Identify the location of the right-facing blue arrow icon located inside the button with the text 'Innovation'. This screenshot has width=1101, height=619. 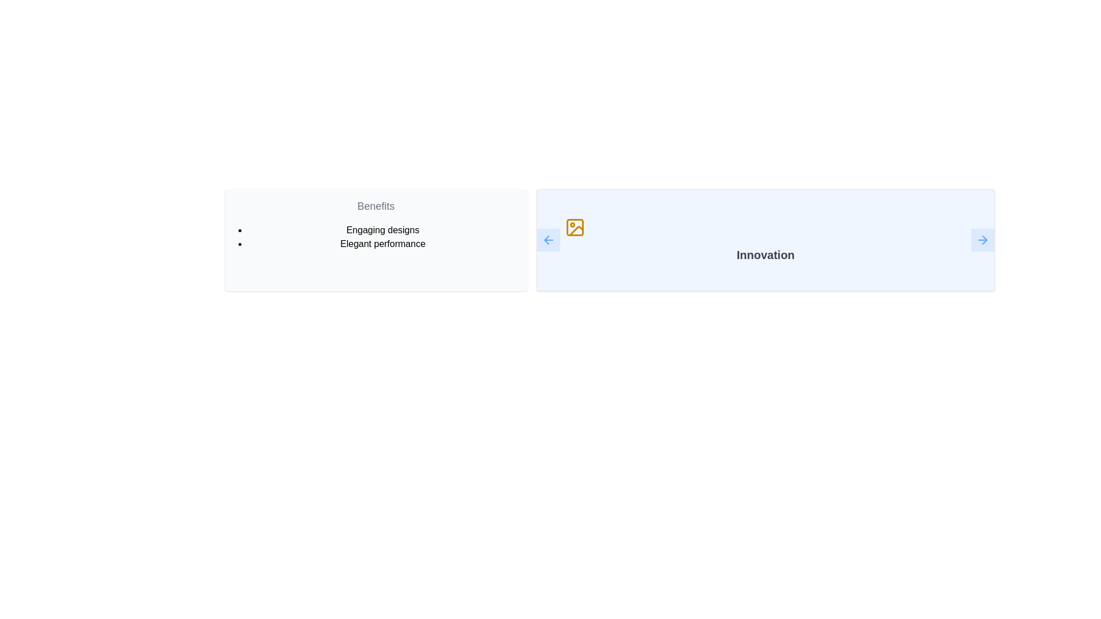
(982, 240).